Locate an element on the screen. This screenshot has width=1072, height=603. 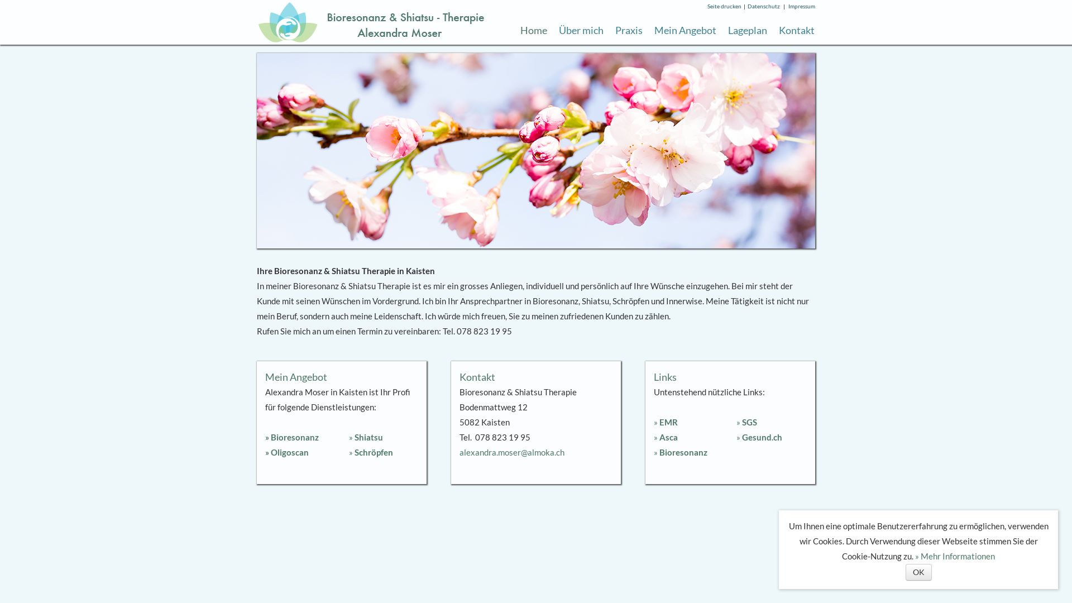
'Lageplan' is located at coordinates (748, 30).